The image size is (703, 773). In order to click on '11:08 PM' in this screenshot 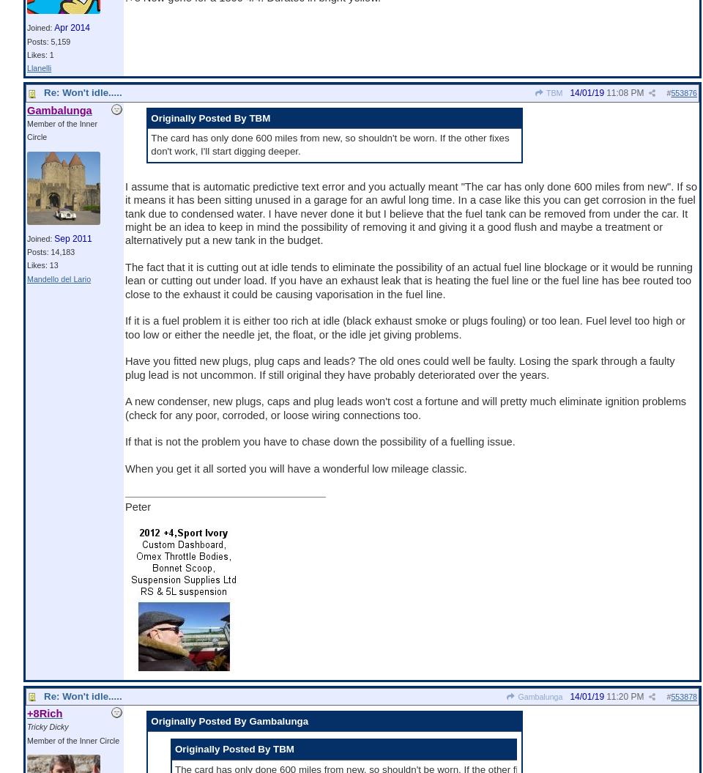, I will do `click(606, 93)`.